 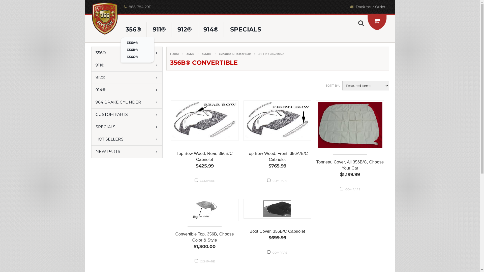 What do you see at coordinates (342, 189) in the screenshot?
I see `'2016'` at bounding box center [342, 189].